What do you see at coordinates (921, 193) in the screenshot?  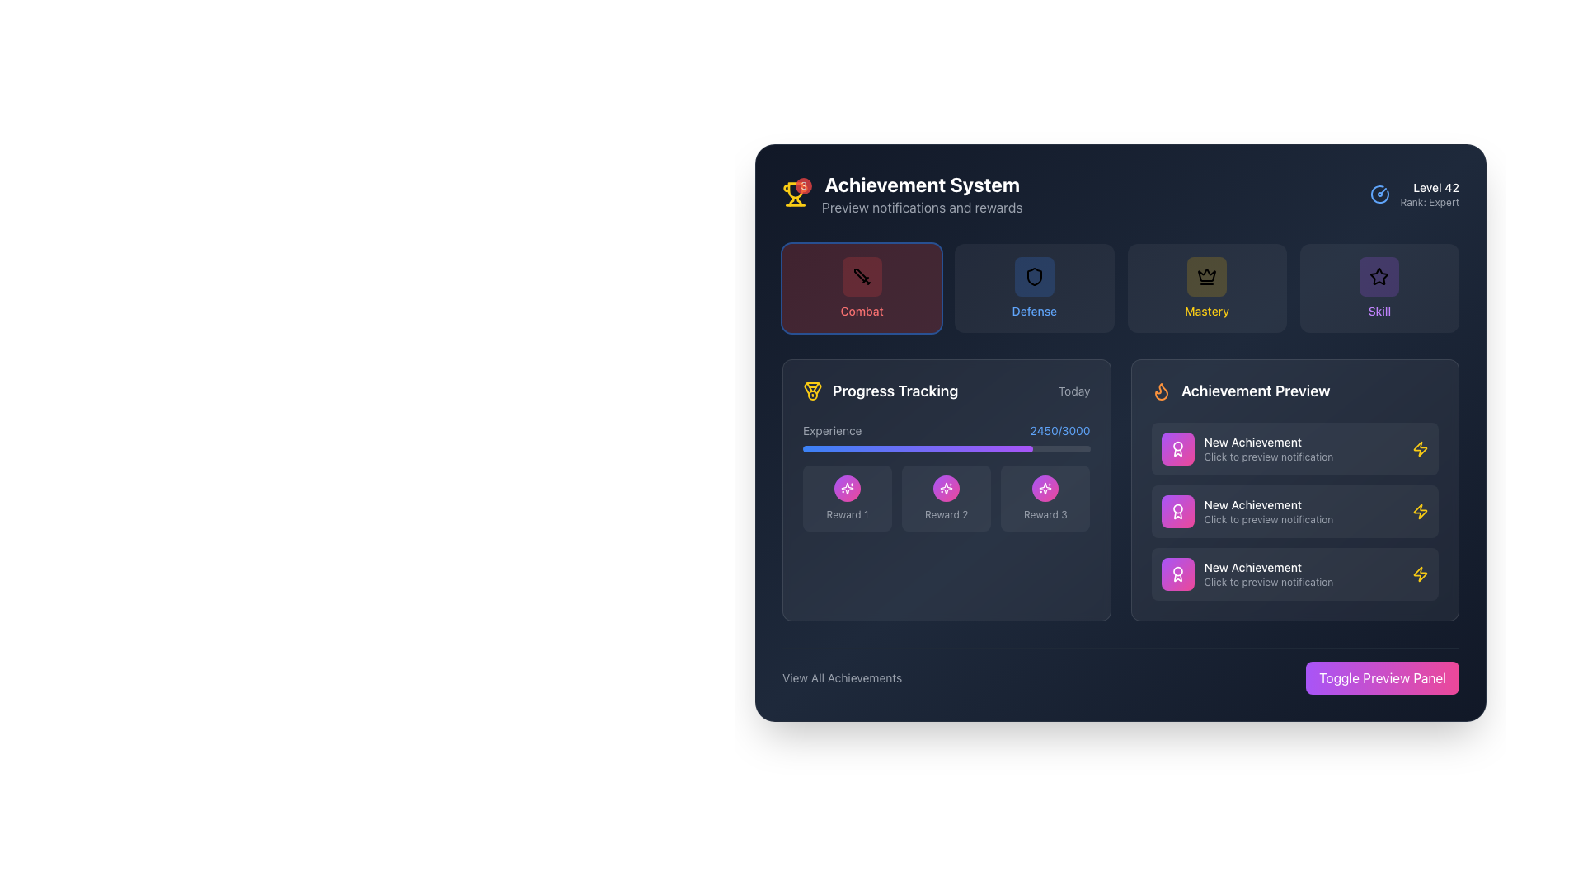 I see `the heading element that indicates the 'Achievement System' and provides a preview of notifications and rewards, located in the top-left corner of the card-like component` at bounding box center [921, 193].